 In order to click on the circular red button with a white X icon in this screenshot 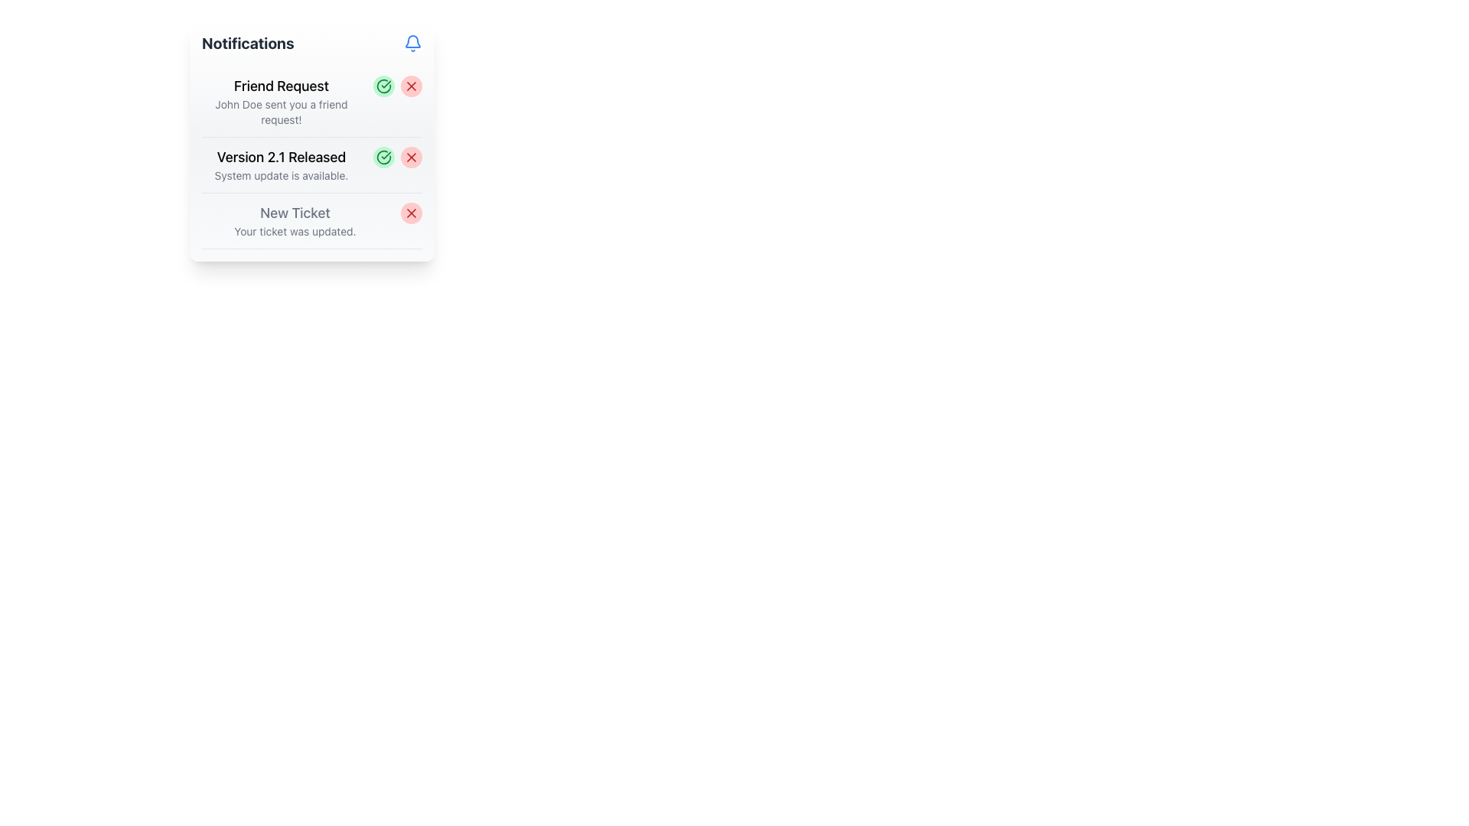, I will do `click(411, 213)`.